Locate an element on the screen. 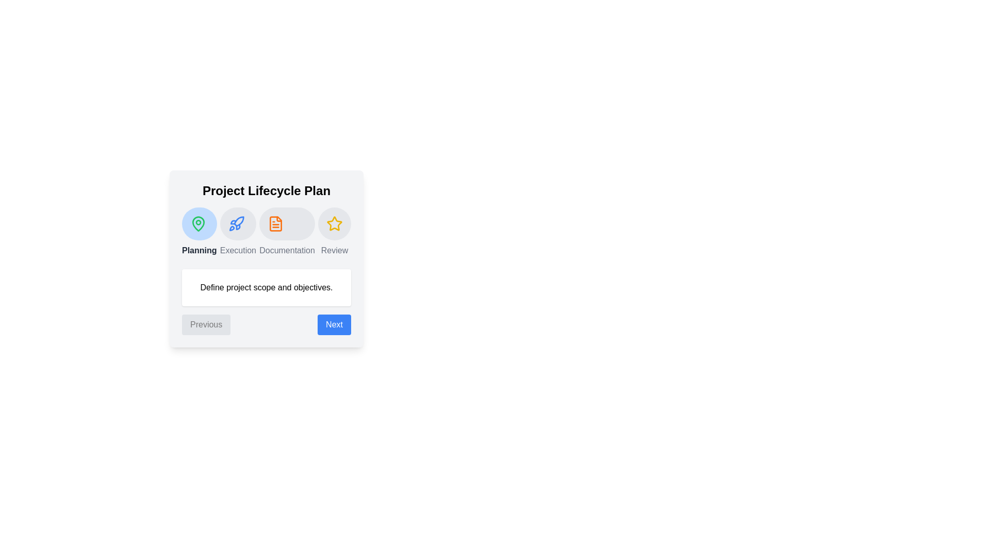  the project phase icon for Planning is located at coordinates (199, 223).